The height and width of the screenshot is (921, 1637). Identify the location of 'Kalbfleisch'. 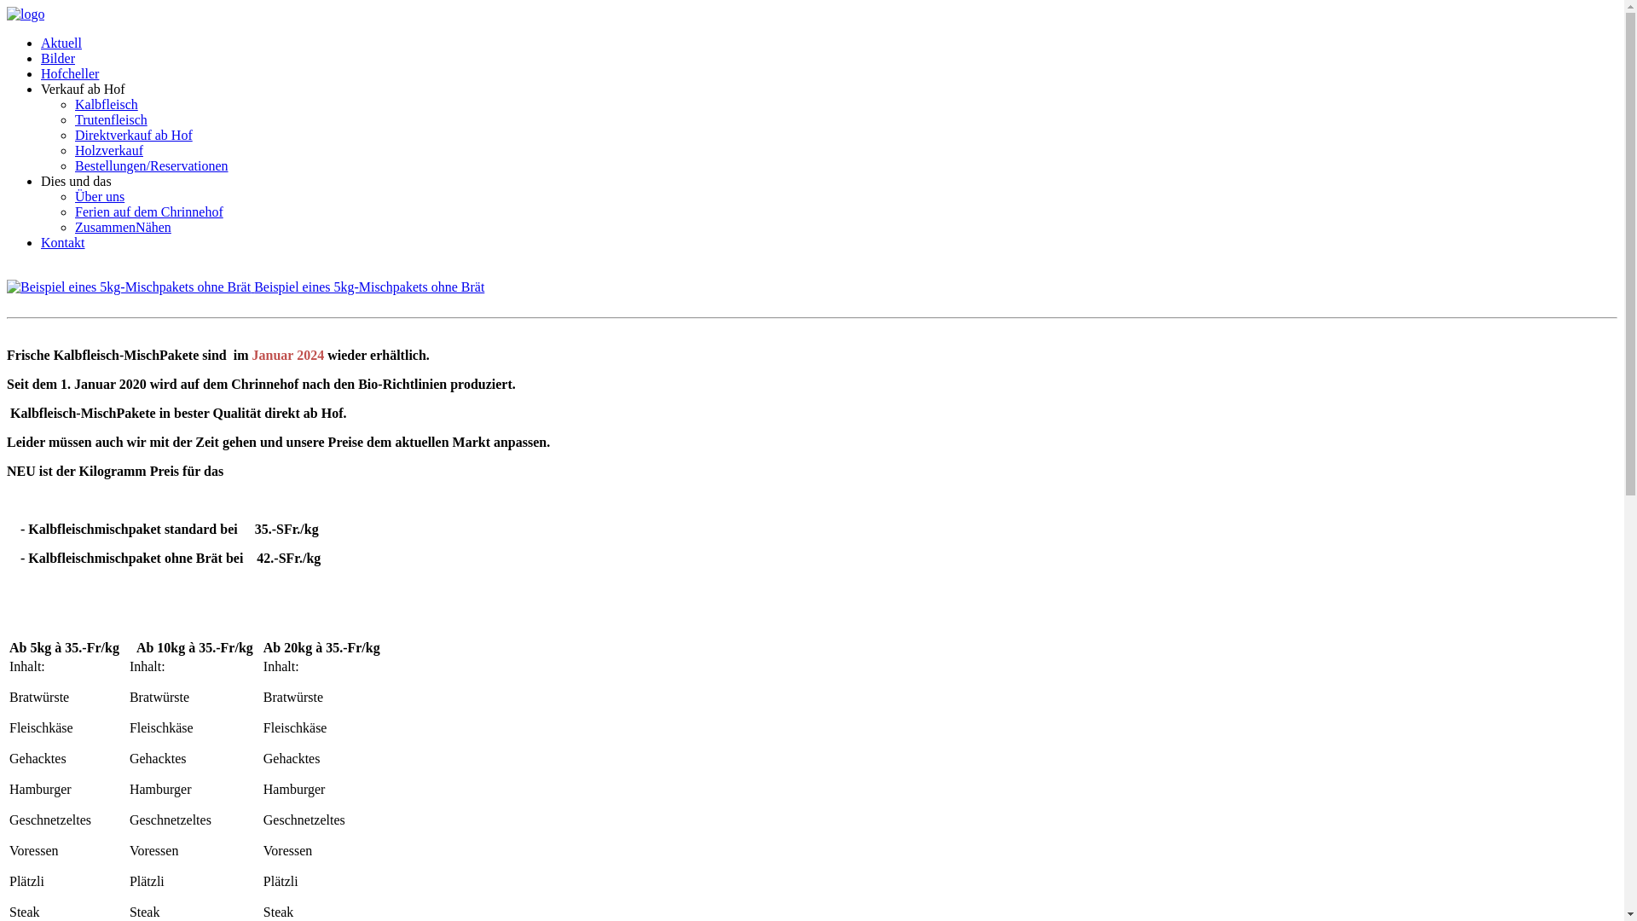
(105, 104).